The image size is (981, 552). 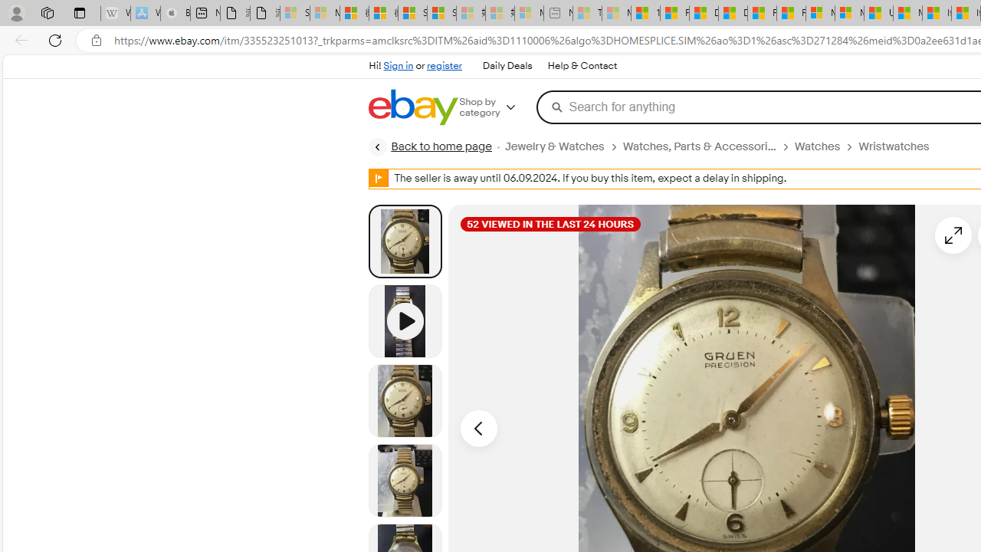 I want to click on 'Watches', so click(x=825, y=146).